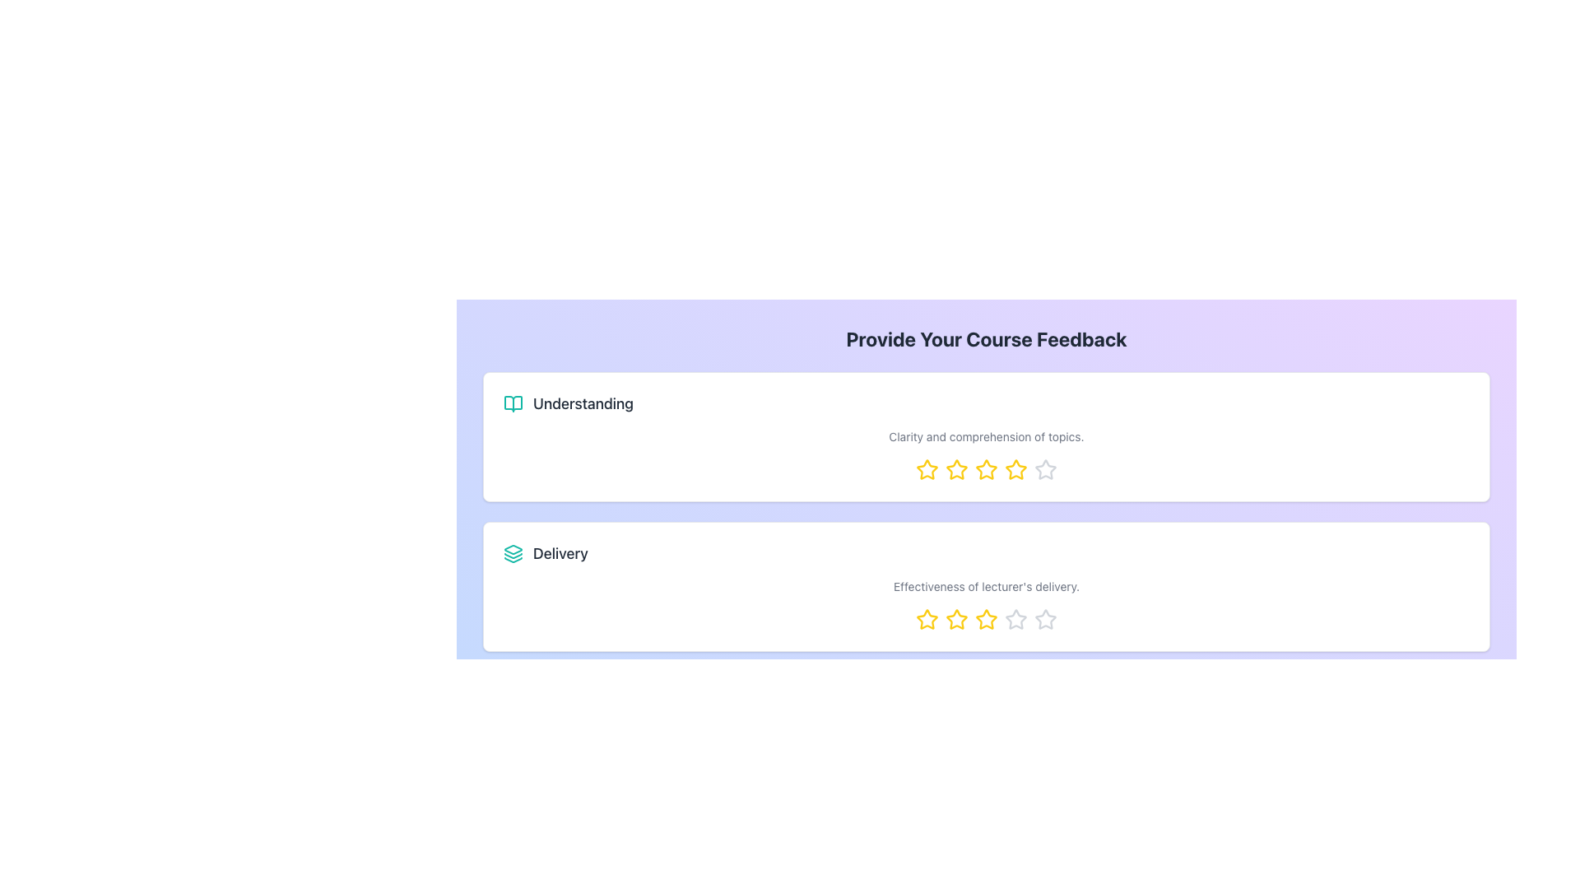 This screenshot has width=1580, height=889. I want to click on the first star in the Interactive icon (star rating) under the 'Delivery' feedback section to assign the lowest rating on the scale, so click(927, 619).